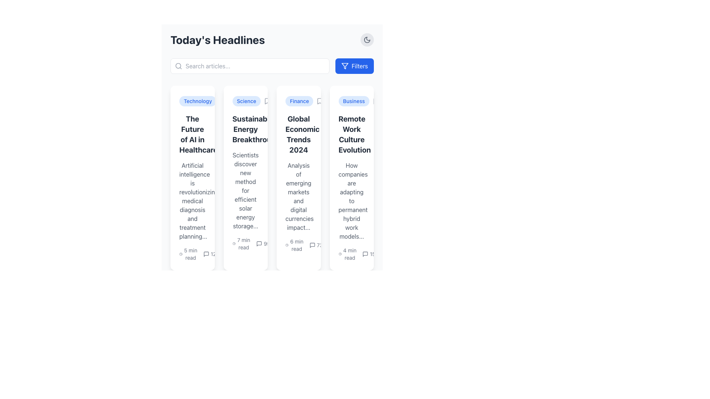  I want to click on 'Technology' category label located at the top of the first column, above the article titled 'The Future of AI in Healthcare', so click(198, 101).